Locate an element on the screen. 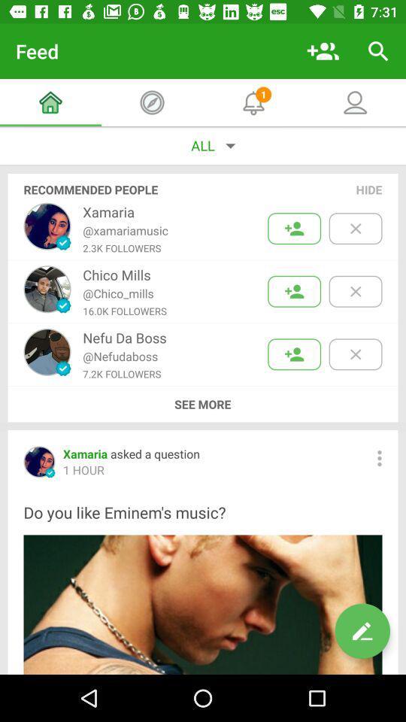  icon next to recommended people is located at coordinates (368, 189).